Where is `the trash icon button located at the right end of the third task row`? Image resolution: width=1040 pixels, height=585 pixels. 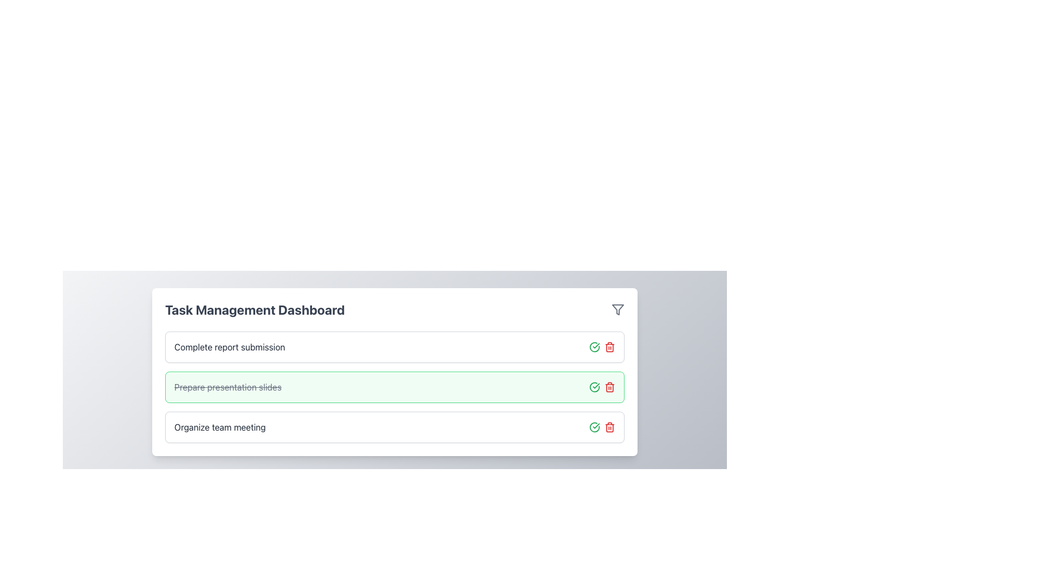
the trash icon button located at the right end of the third task row is located at coordinates (610, 427).